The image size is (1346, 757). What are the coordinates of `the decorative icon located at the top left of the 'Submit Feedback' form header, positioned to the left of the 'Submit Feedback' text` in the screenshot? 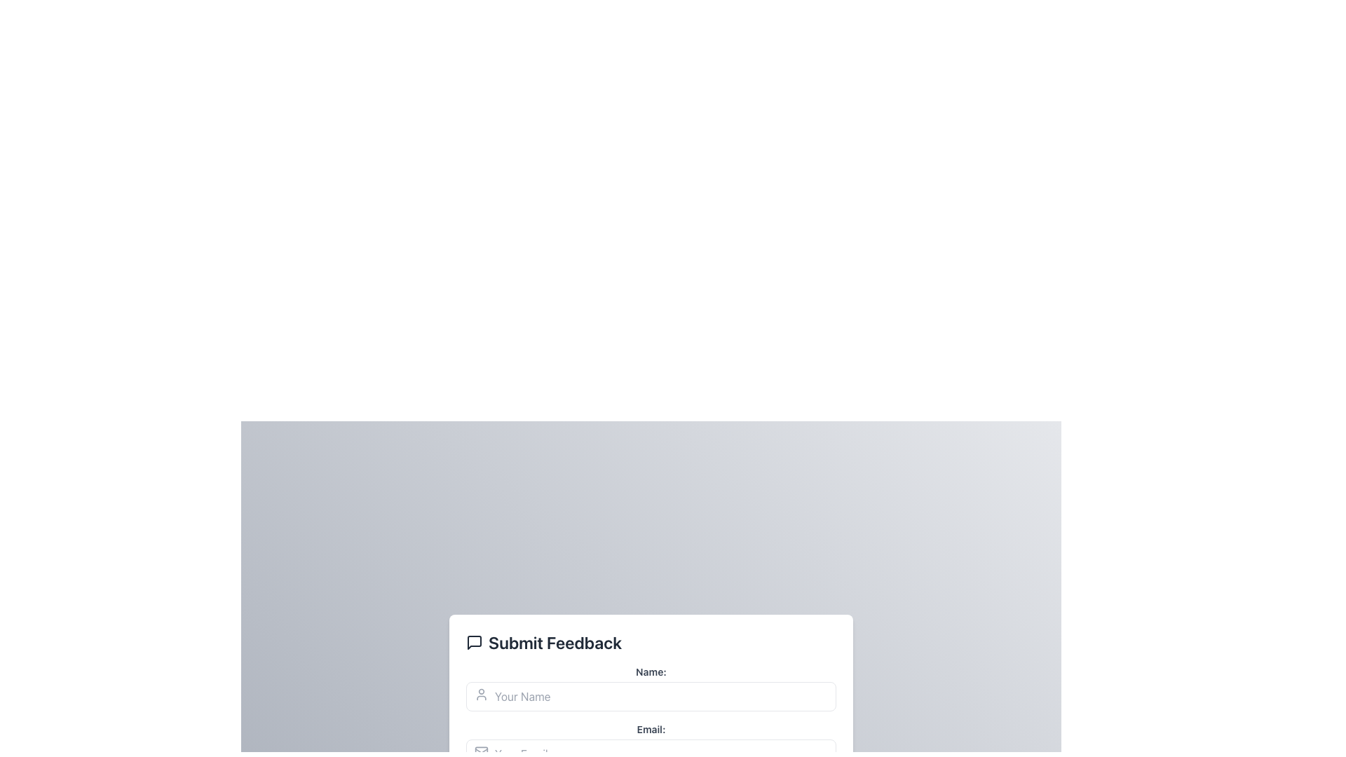 It's located at (474, 643).